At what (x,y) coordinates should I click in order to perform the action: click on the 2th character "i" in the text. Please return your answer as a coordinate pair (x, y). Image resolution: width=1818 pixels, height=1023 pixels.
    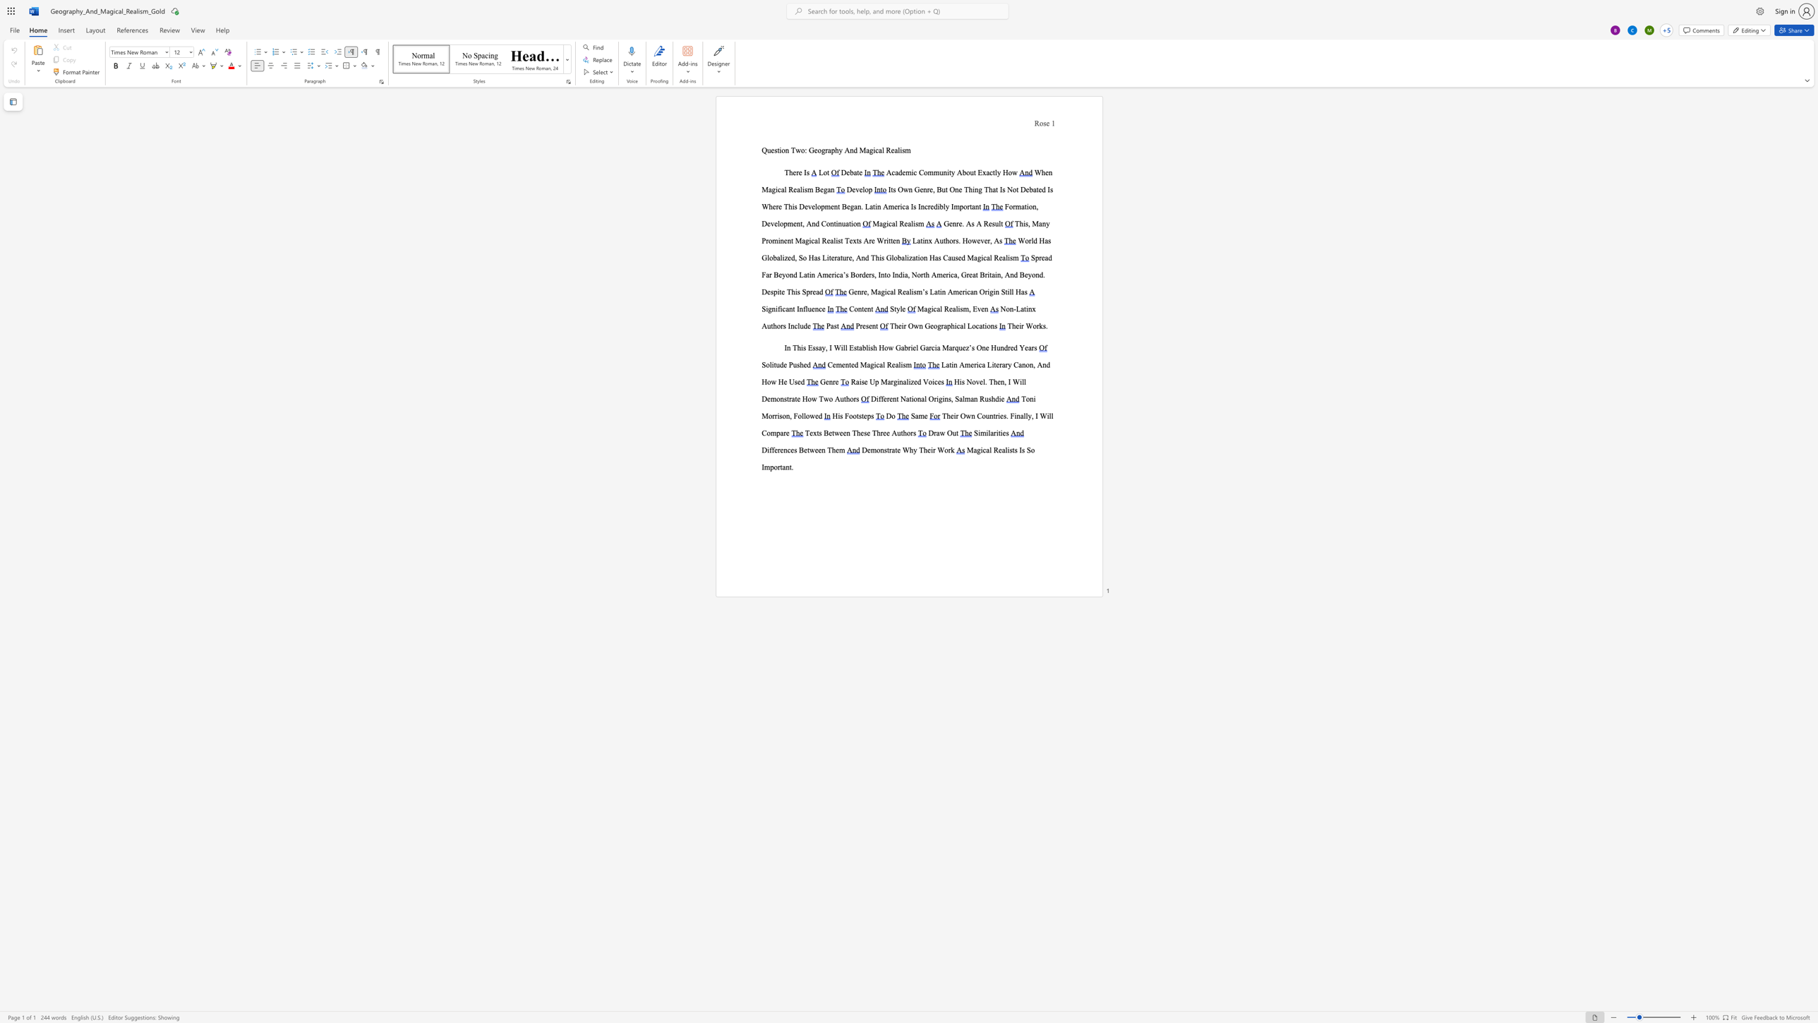
    Looking at the image, I should click on (914, 223).